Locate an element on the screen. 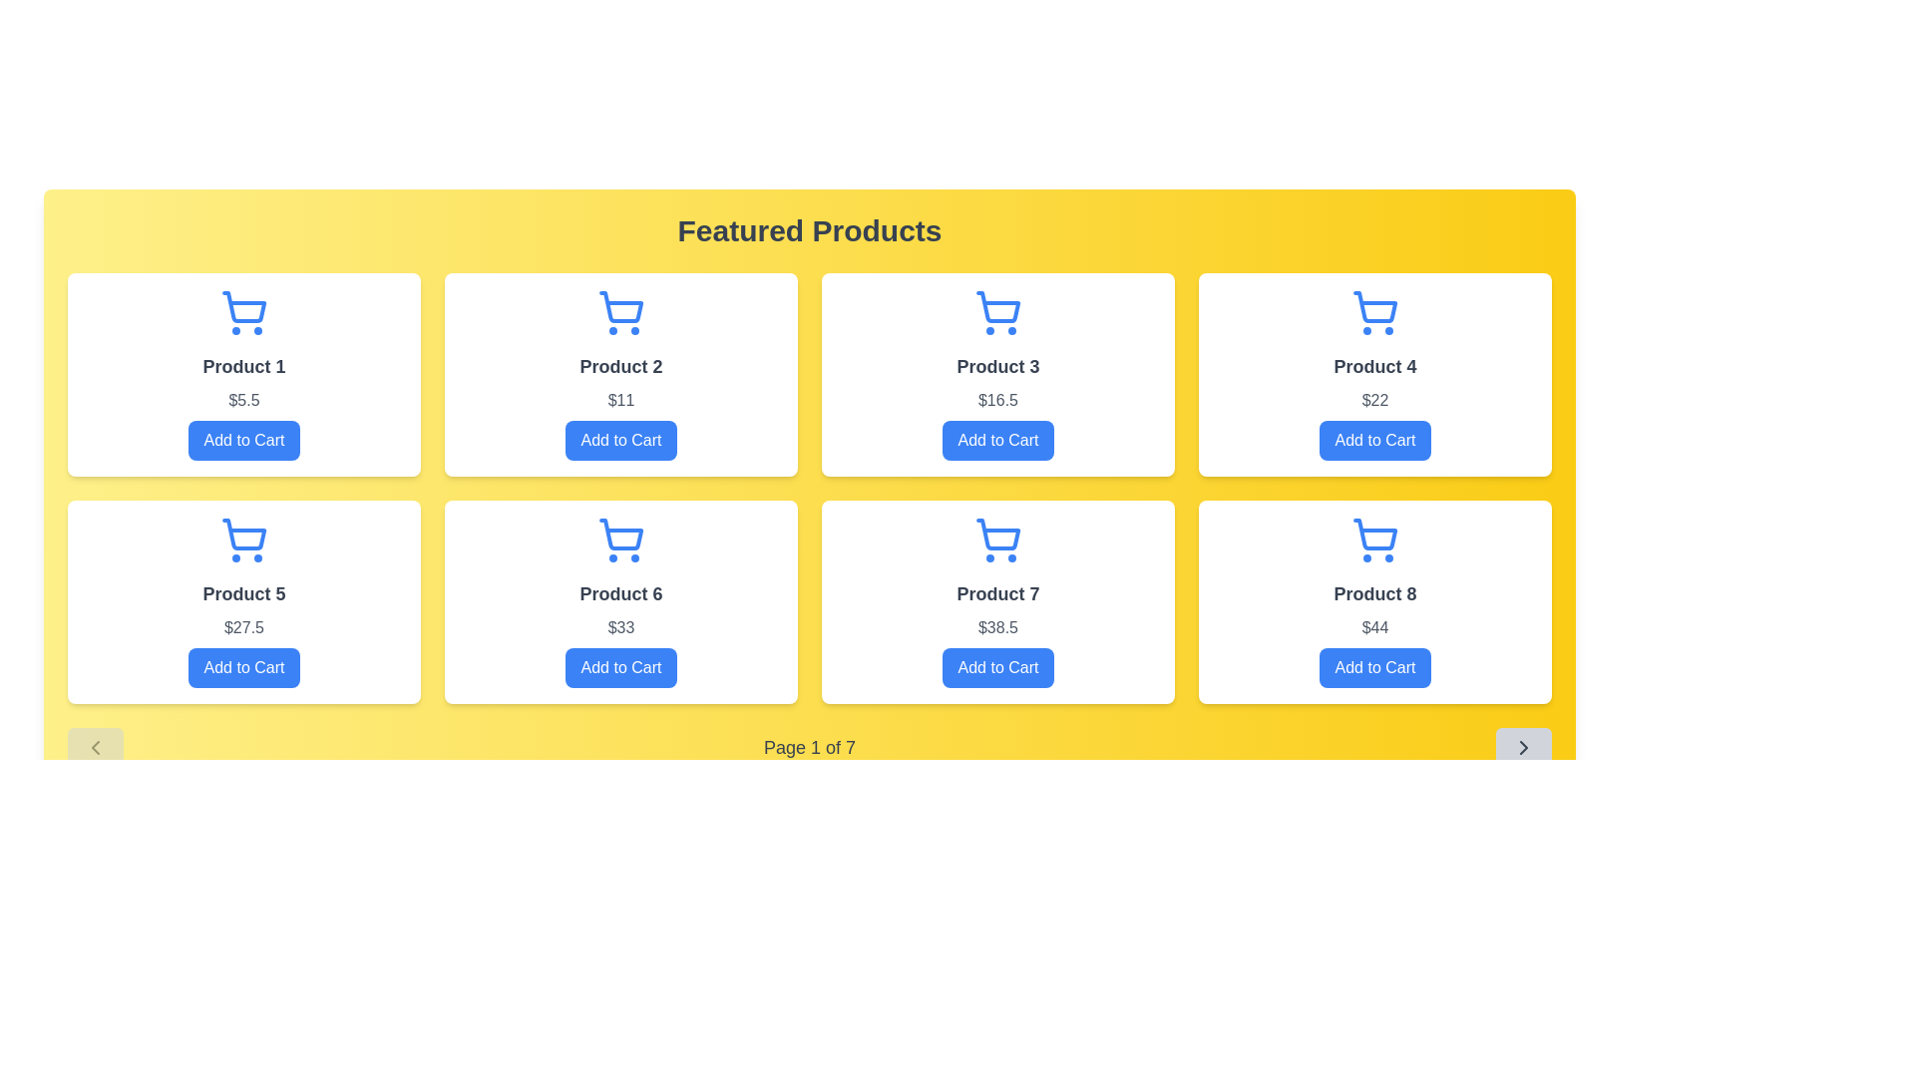 This screenshot has width=1915, height=1077. the shopping cart icon, which is a blue outline with a polygonal basket and circular wheels, located at the top of the card for 'Product 7' is located at coordinates (998, 534).